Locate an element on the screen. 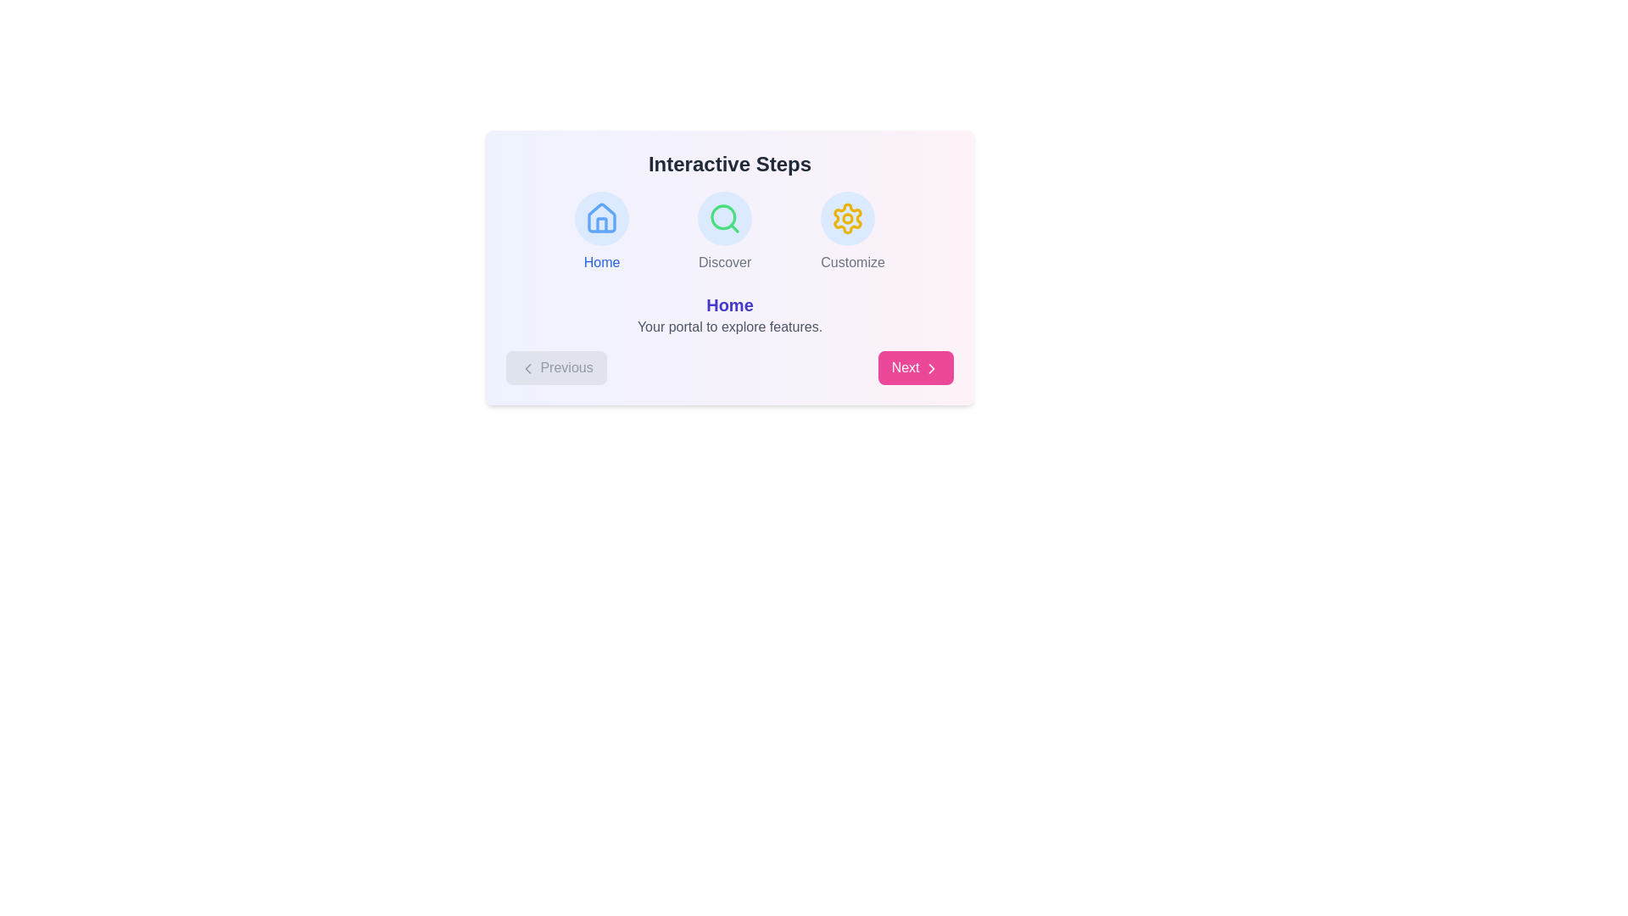 This screenshot has height=916, width=1628. on the 'Customize' button, which is the third element in the horizontal navigation bar is located at coordinates (853, 232).